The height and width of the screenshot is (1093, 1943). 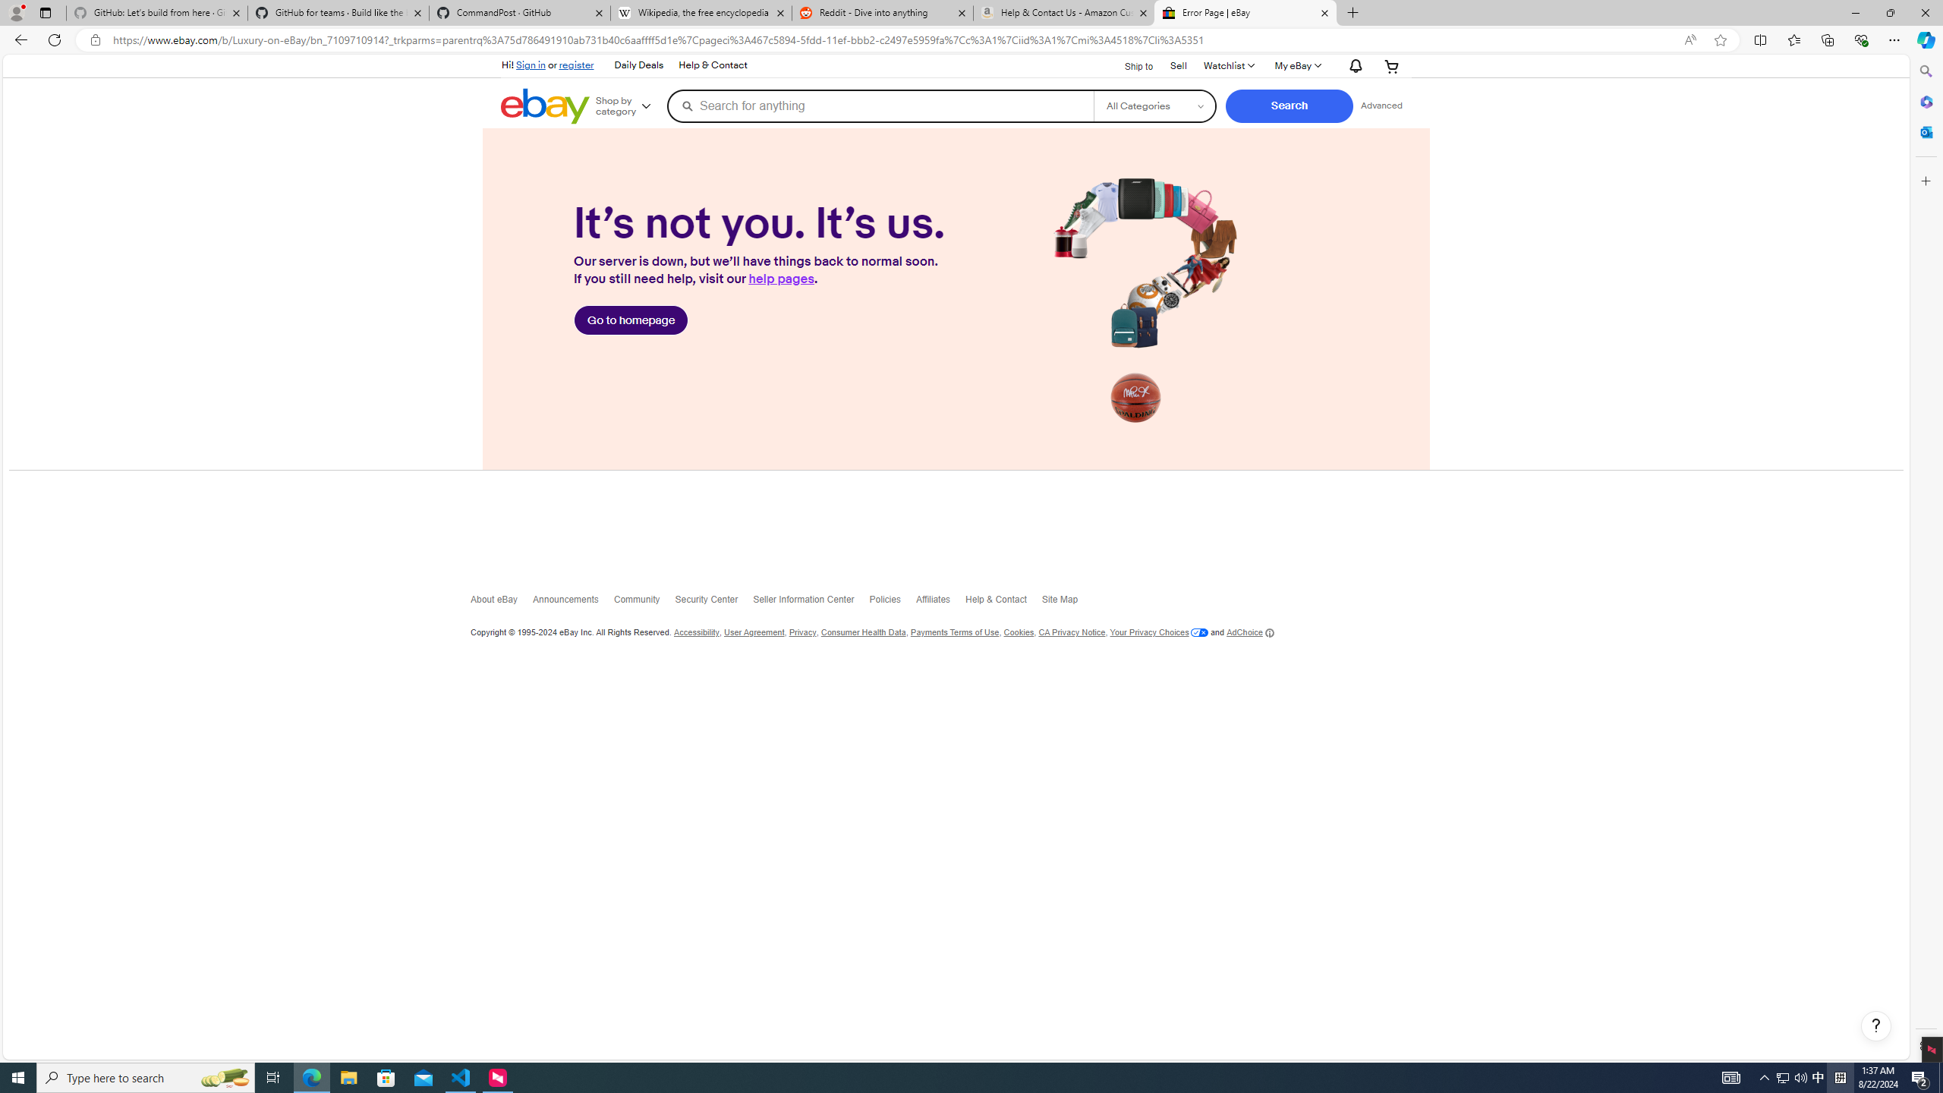 I want to click on 'CA Privacy Notice', so click(x=1070, y=632).